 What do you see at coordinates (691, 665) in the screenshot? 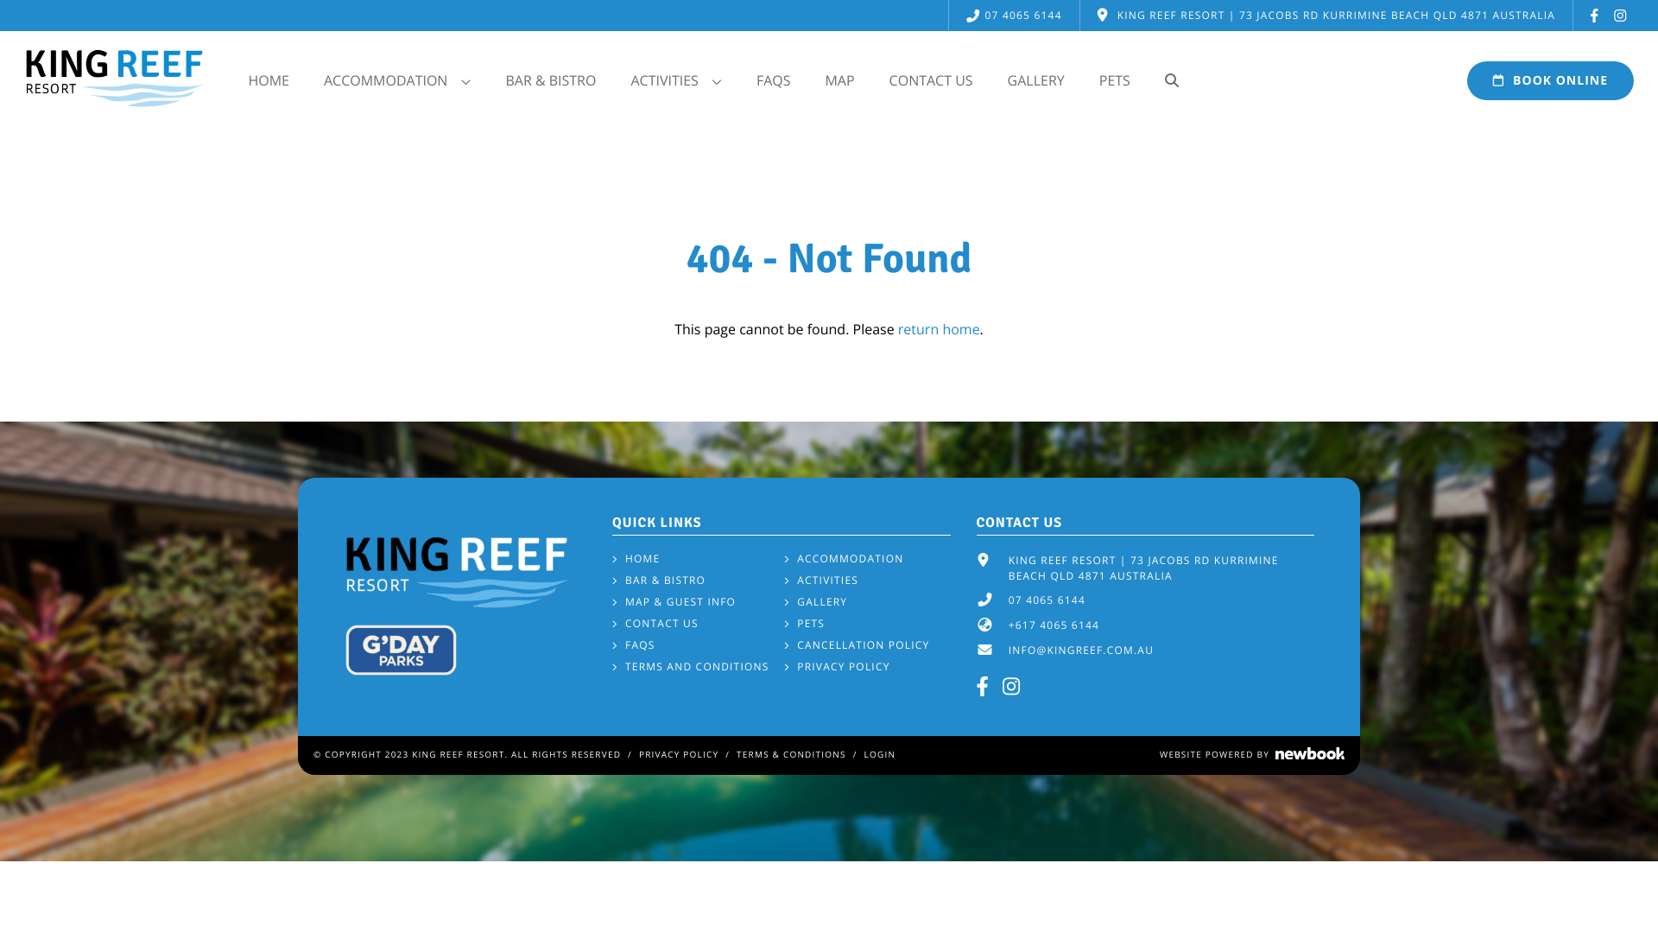
I see `'TERMS AND CONDITIONS'` at bounding box center [691, 665].